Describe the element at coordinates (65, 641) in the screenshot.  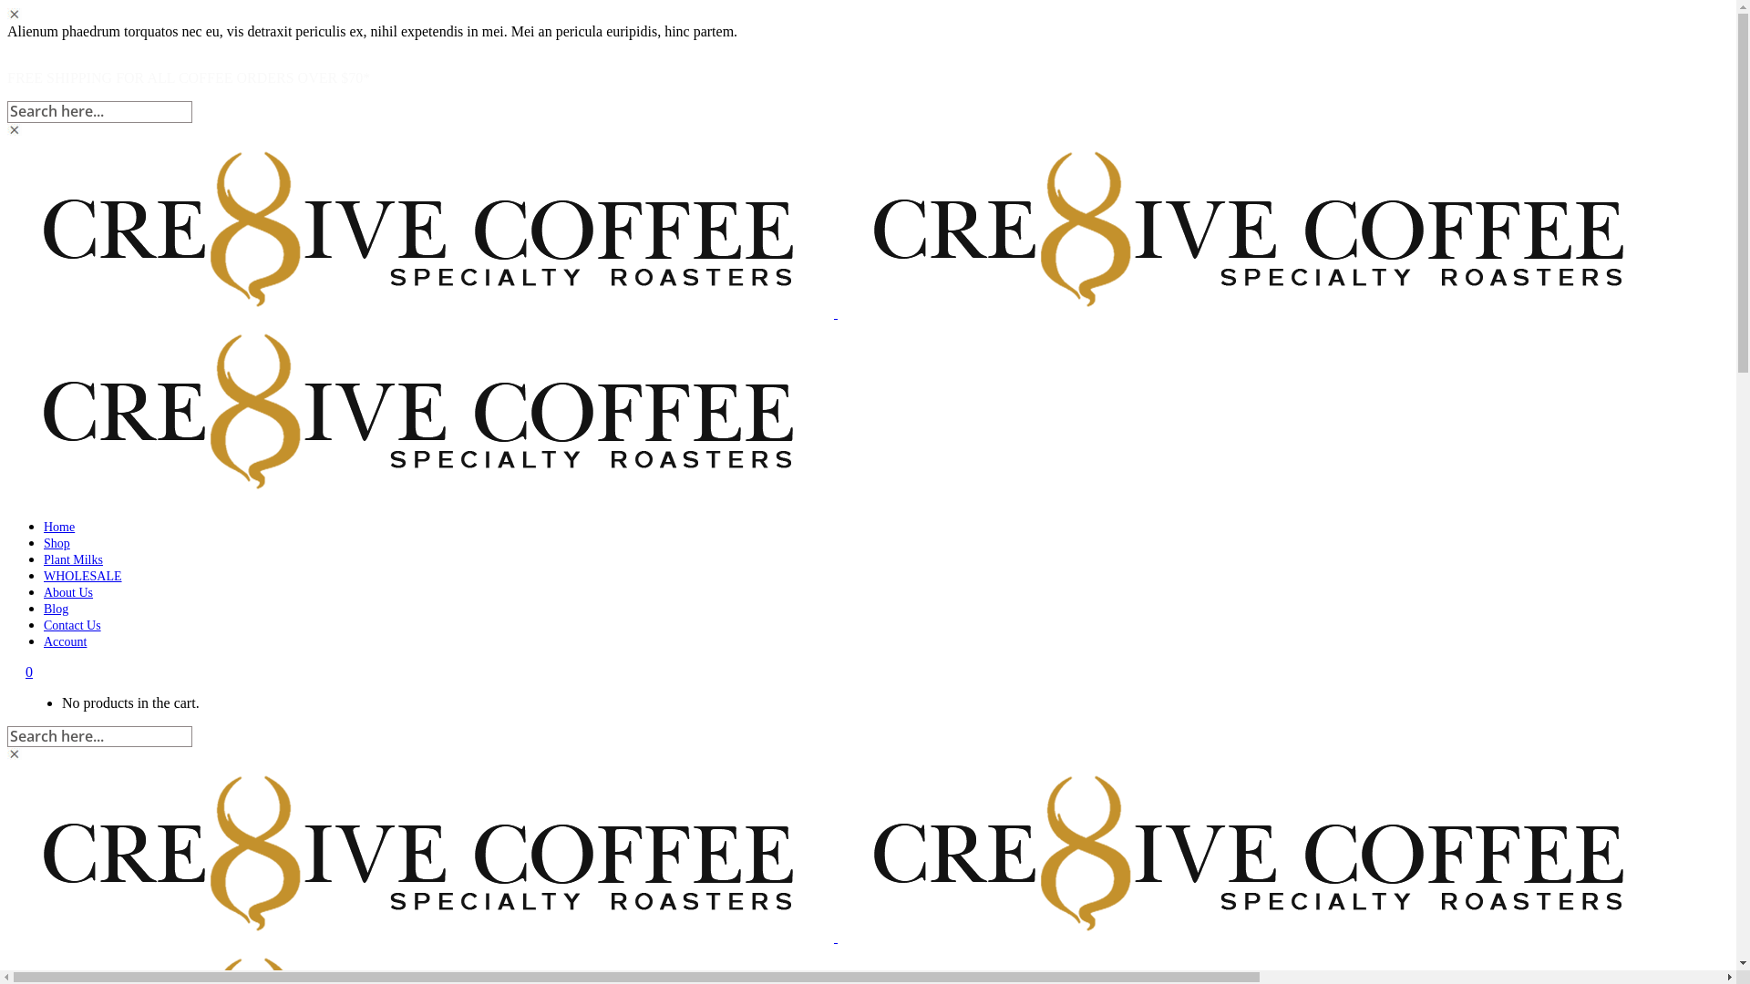
I see `'Account'` at that location.